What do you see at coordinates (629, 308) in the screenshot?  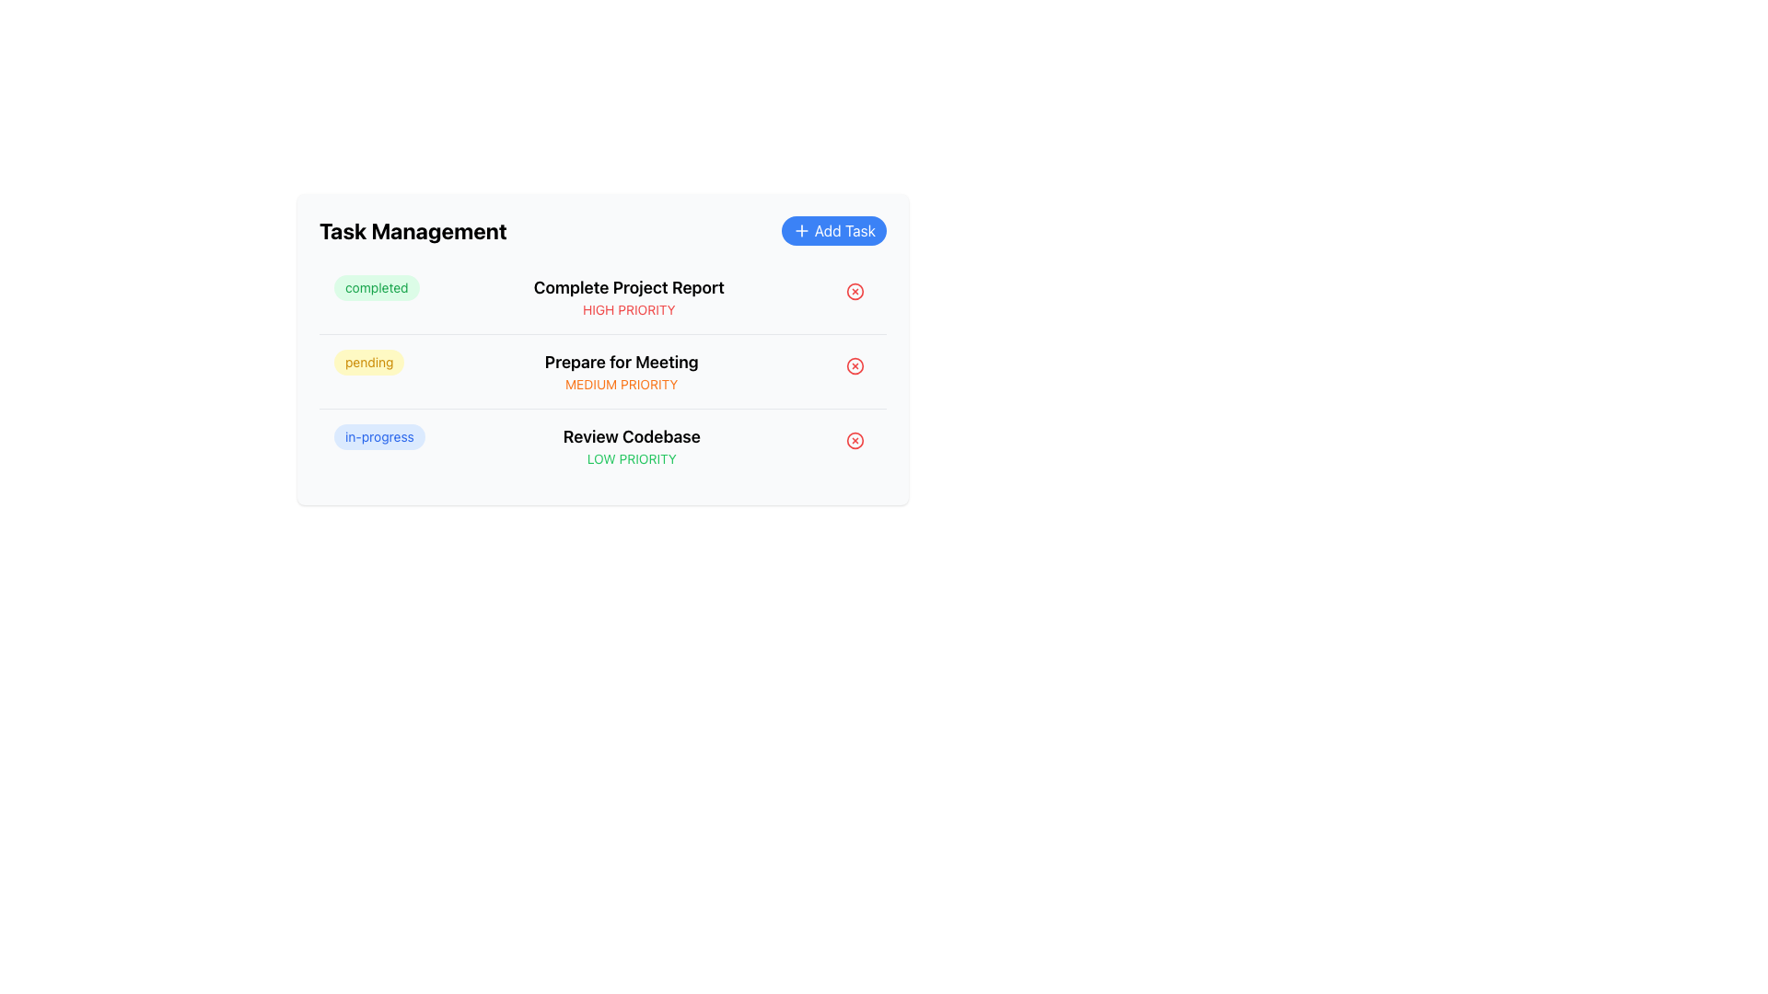 I see `the 'HIGH PRIORITY' indicator label for the task 'Complete Project Report'` at bounding box center [629, 308].